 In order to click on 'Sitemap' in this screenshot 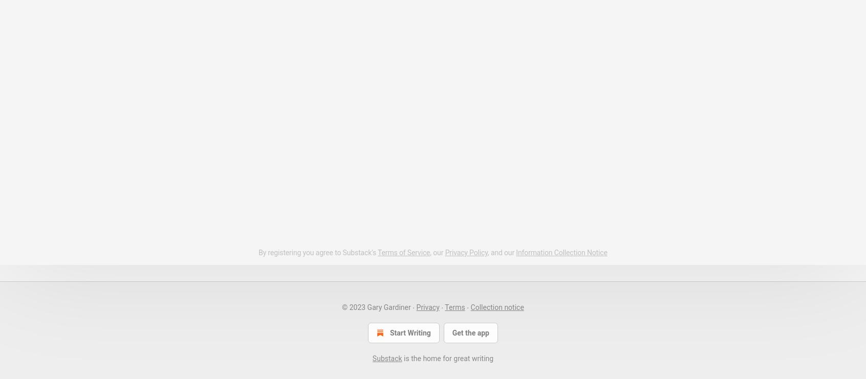, I will do `click(118, 260)`.